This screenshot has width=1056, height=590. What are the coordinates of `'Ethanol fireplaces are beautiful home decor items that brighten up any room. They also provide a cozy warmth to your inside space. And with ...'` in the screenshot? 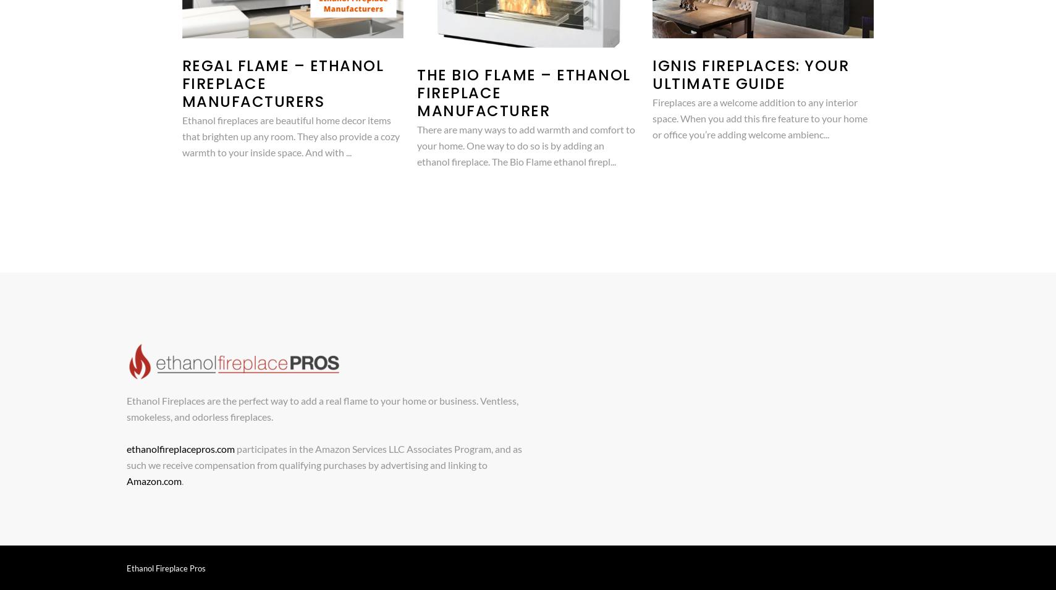 It's located at (289, 135).